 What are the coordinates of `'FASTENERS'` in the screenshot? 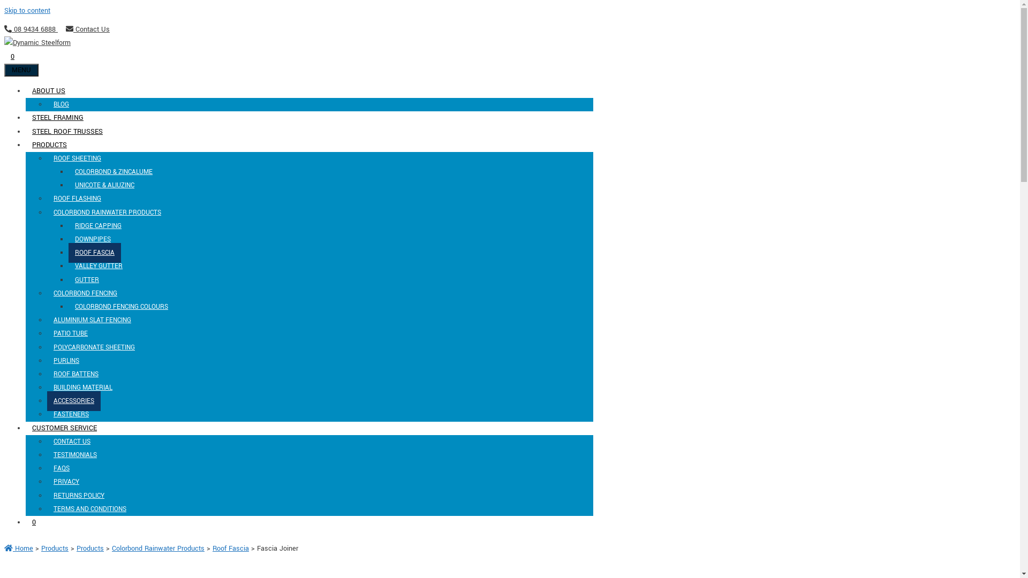 It's located at (71, 414).